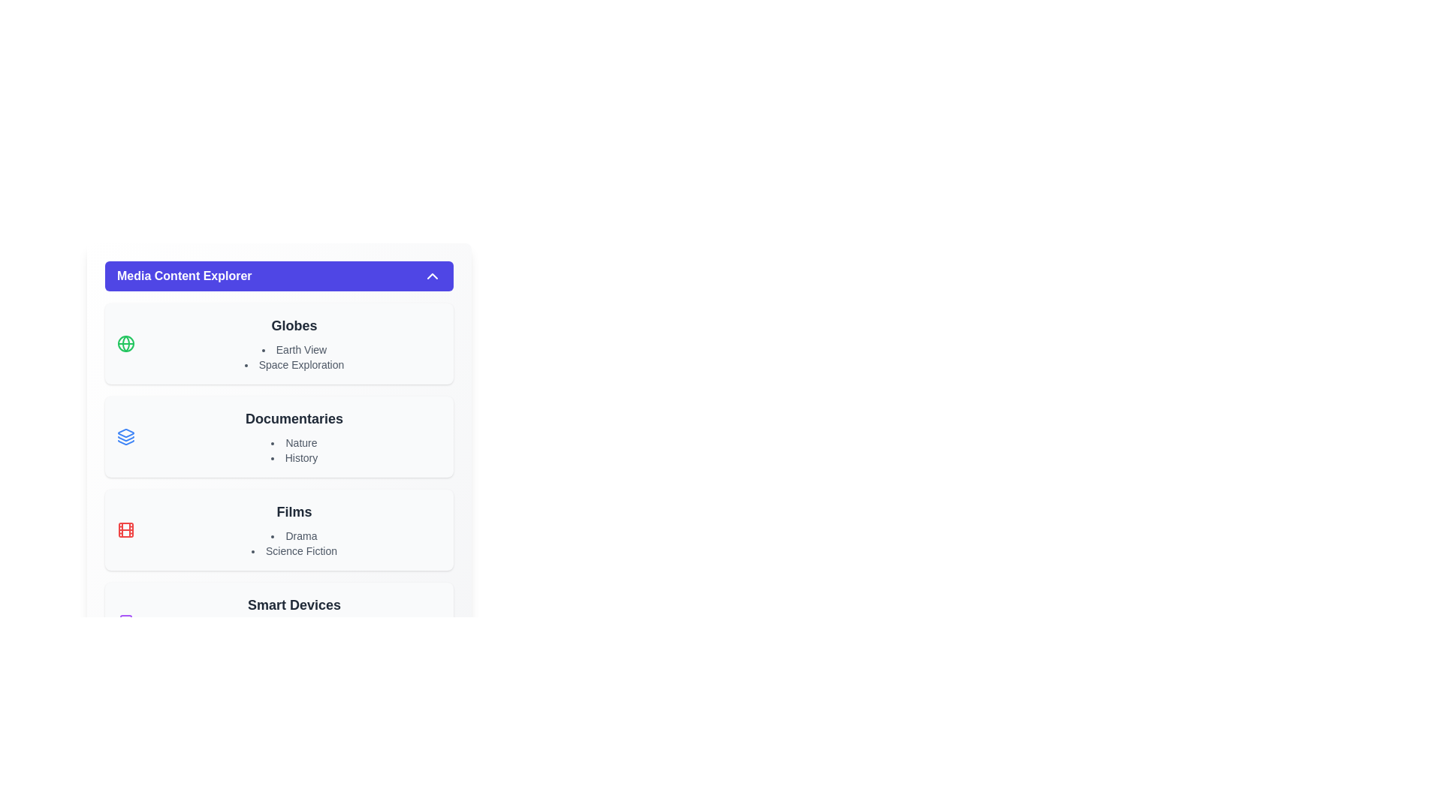 This screenshot has height=811, width=1442. Describe the element at coordinates (126, 437) in the screenshot. I see `the icon with a layered design in blue, located at the top-left corner of the 'Documentaries' section, preceding the text 'DocumentariesNatureHistory'` at that location.